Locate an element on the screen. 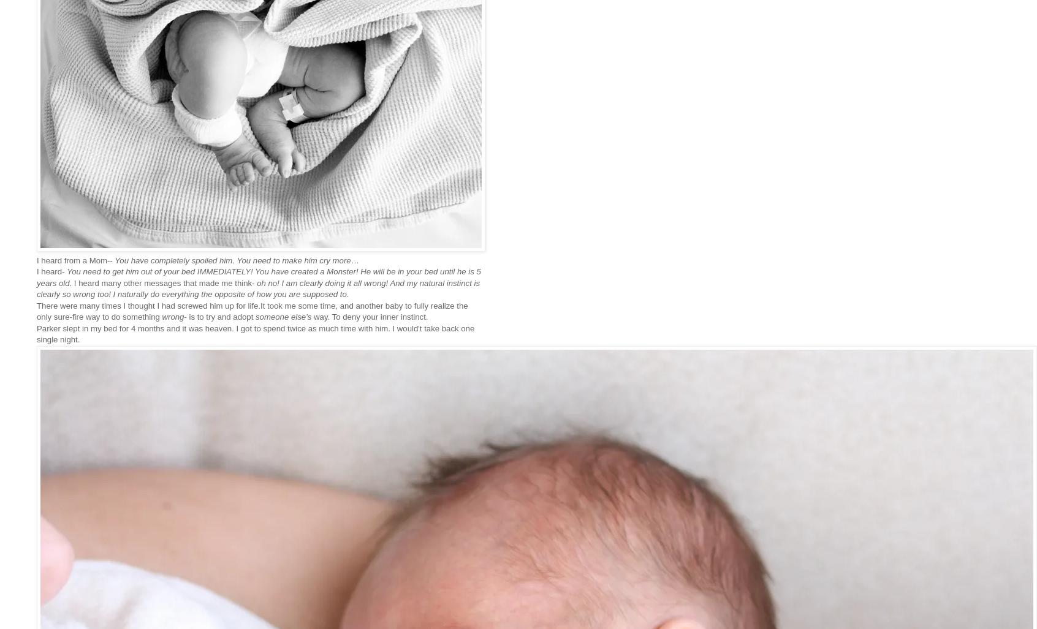 The height and width of the screenshot is (629, 1037). 'I heard from a Mom--' is located at coordinates (36, 259).